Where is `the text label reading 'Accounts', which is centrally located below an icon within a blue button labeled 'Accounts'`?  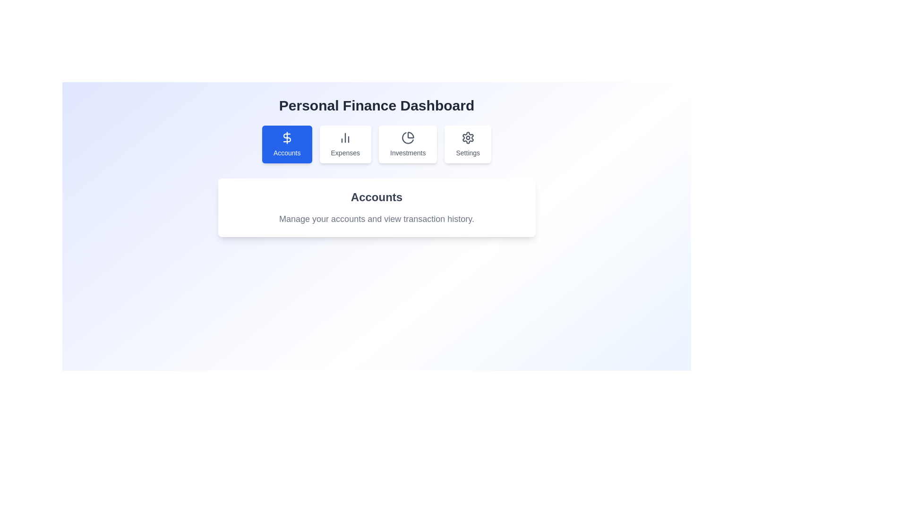 the text label reading 'Accounts', which is centrally located below an icon within a blue button labeled 'Accounts' is located at coordinates (286, 153).